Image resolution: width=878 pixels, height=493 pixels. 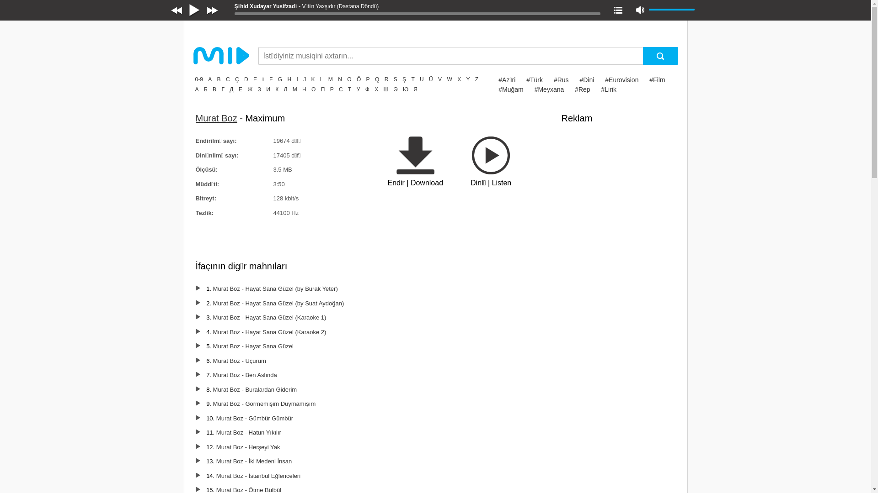 What do you see at coordinates (574, 89) in the screenshot?
I see `'#Rep'` at bounding box center [574, 89].